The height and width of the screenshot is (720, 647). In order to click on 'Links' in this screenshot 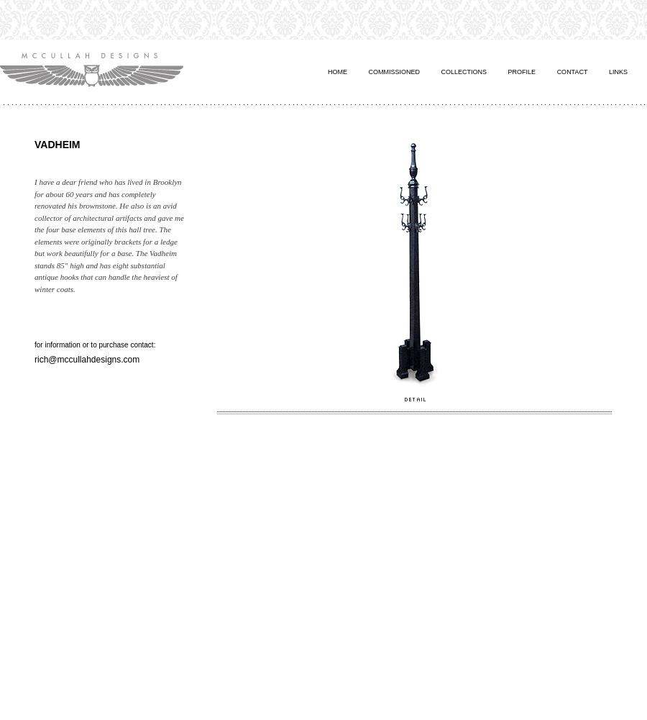, I will do `click(608, 70)`.